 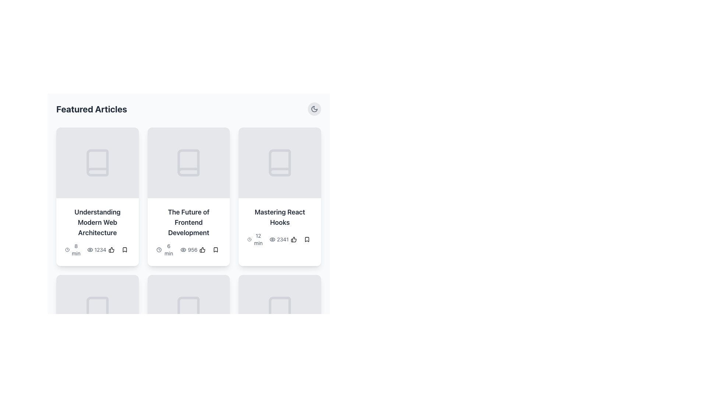 What do you see at coordinates (97, 163) in the screenshot?
I see `the illustrative icon representing the article topic in the top row, first column of the 'Featured Articles' section, which is directly above the title 'Understanding Modern Web Architecture'` at bounding box center [97, 163].